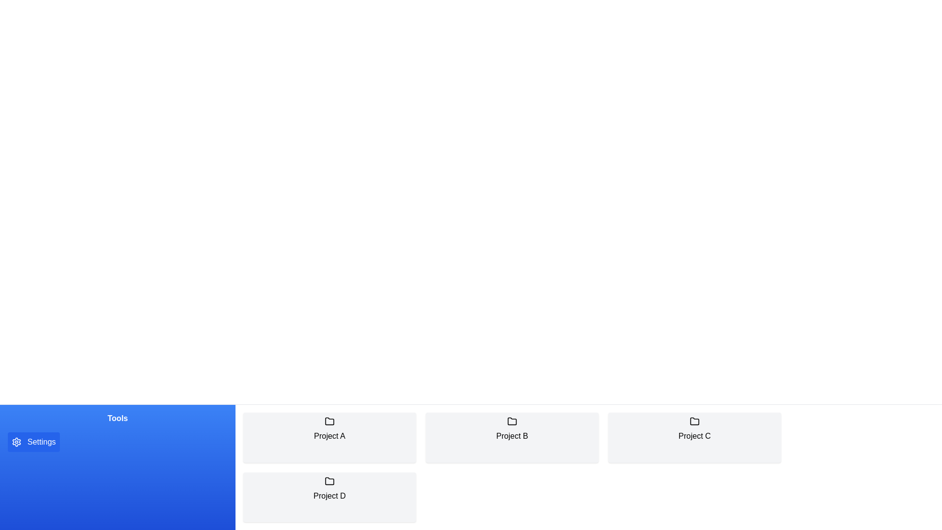 The height and width of the screenshot is (530, 942). I want to click on the 'Project D' card, which is the fourth card in a group of four cards labeled 'Project A', 'Project B', 'Project C', and 'Project D', so click(330, 497).